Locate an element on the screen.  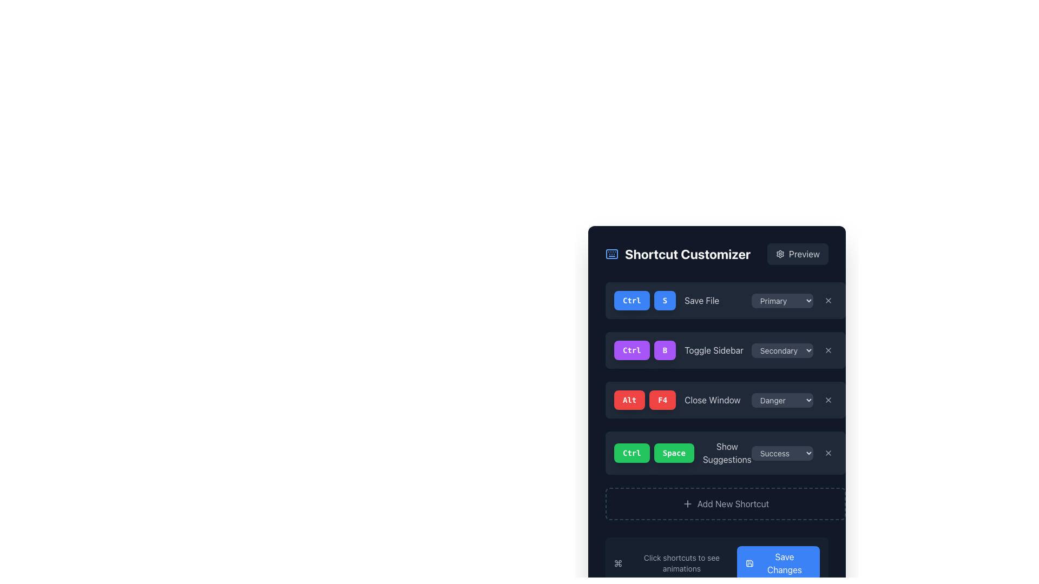
the close button styled as a circle with an 'X' icon inside, located in the top-right corner of the 'Toggle Sidebar' row in the 'Shortcut Customizer' interface is located at coordinates (827, 350).